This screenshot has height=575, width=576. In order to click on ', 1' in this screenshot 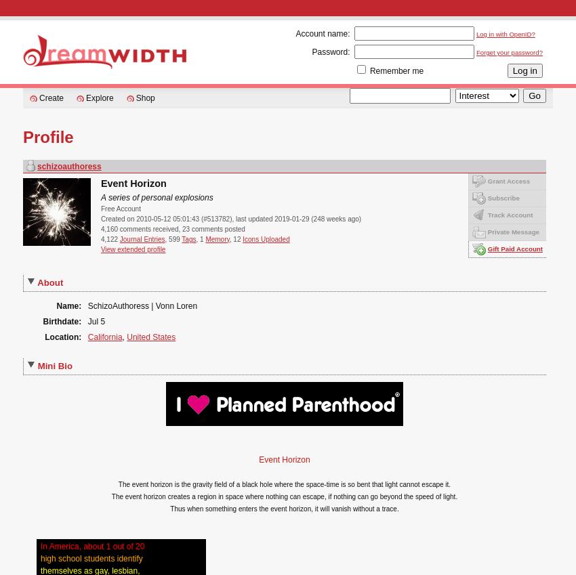, I will do `click(199, 238)`.